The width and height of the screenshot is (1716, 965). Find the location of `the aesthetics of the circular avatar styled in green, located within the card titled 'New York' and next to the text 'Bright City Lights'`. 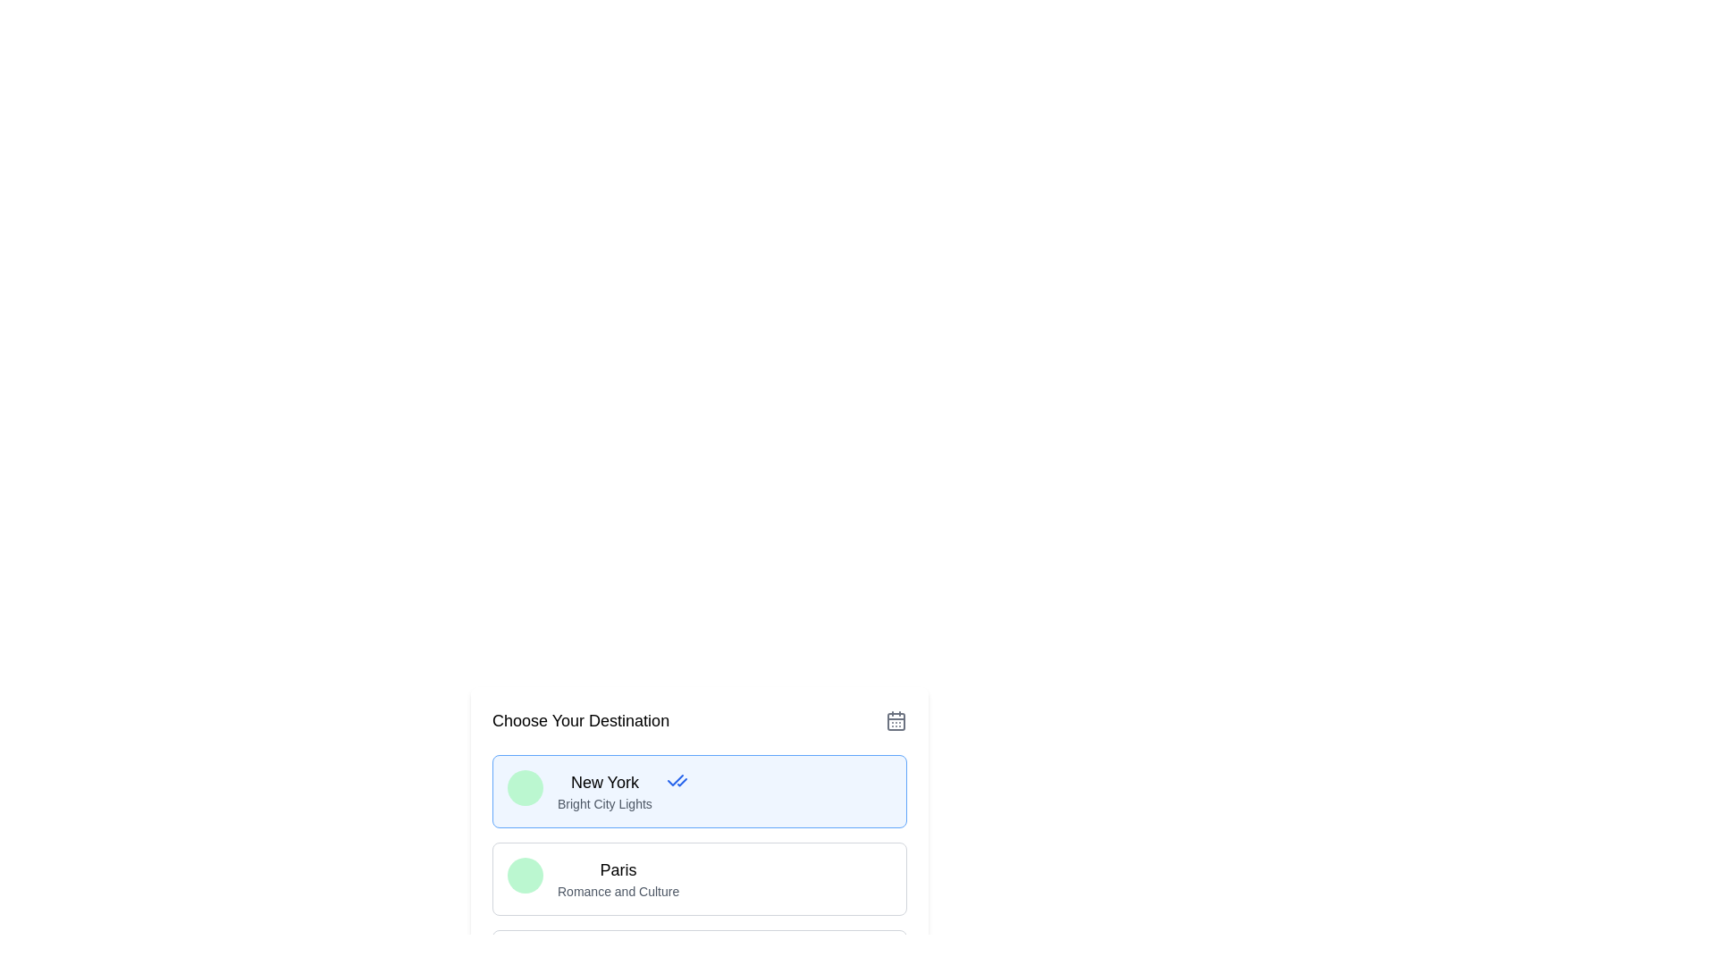

the aesthetics of the circular avatar styled in green, located within the card titled 'New York' and next to the text 'Bright City Lights' is located at coordinates (525, 787).